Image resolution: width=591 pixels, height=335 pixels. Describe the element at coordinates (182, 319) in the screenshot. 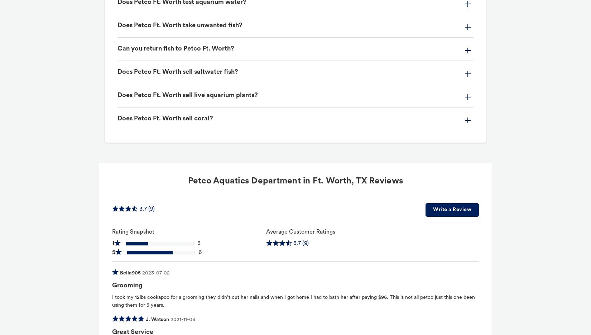

I see `'2021-11-03'` at that location.